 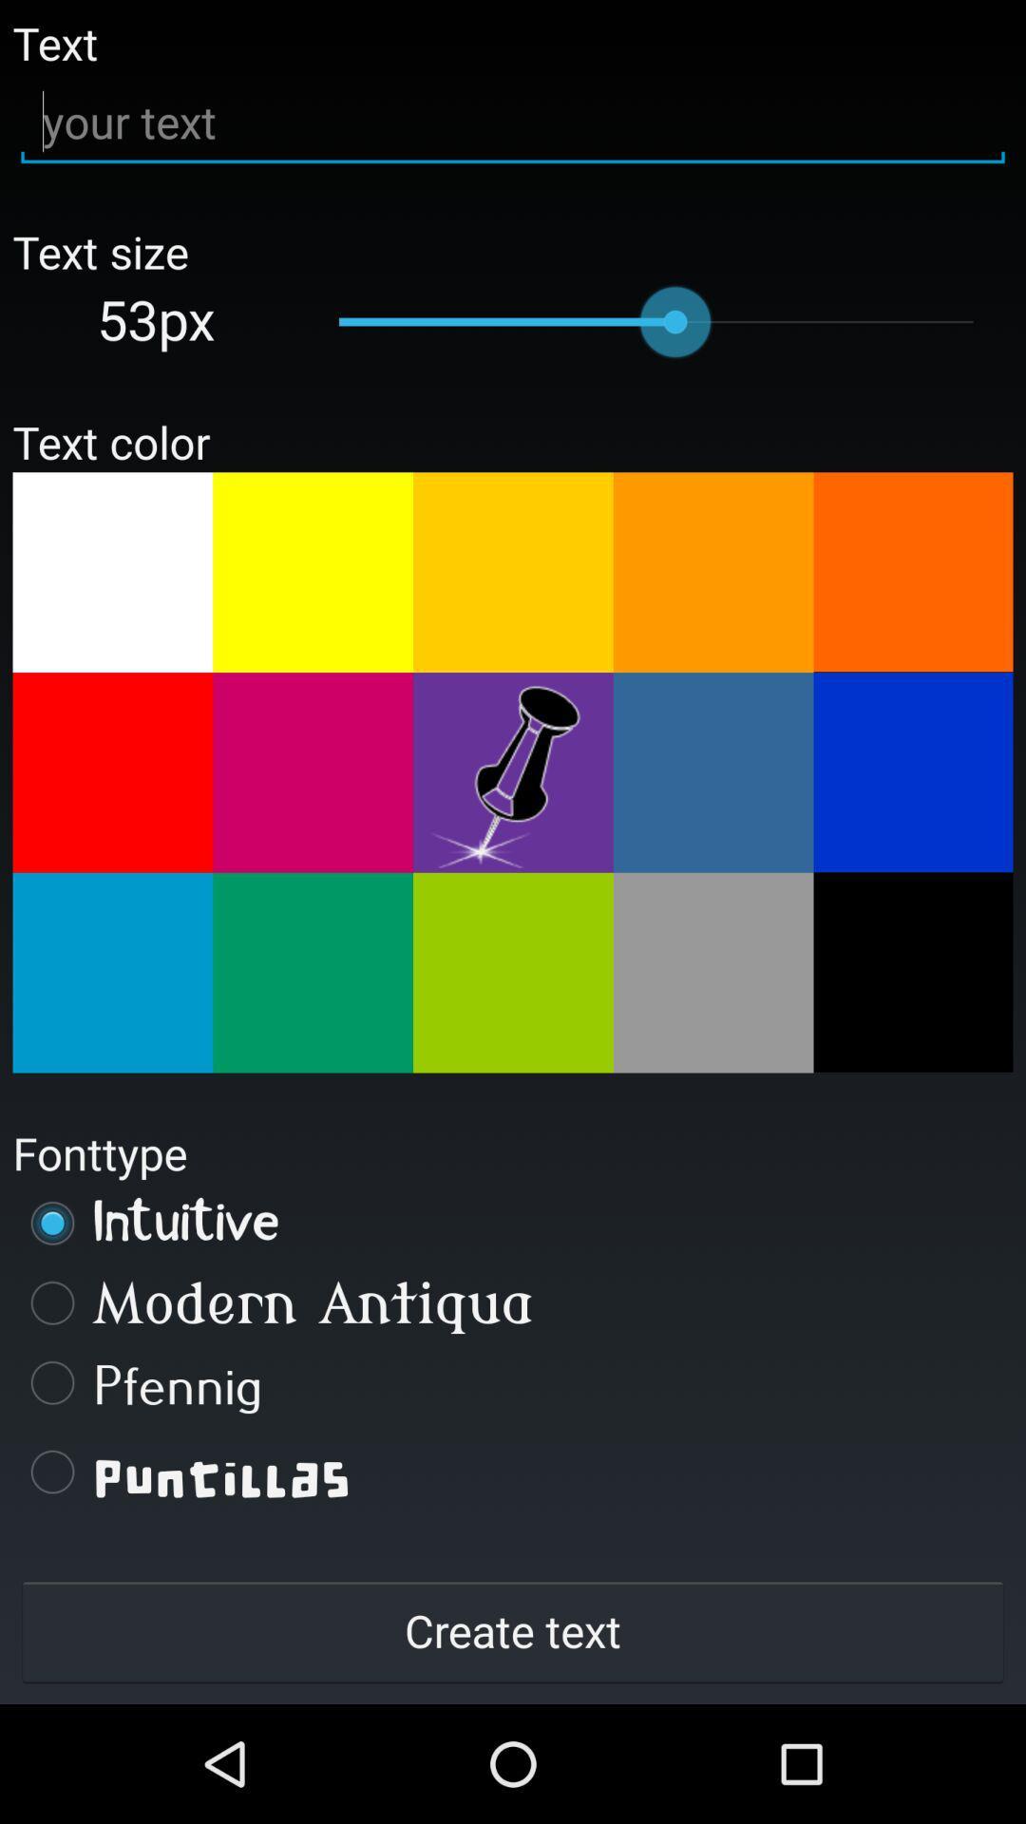 I want to click on color, so click(x=513, y=571).